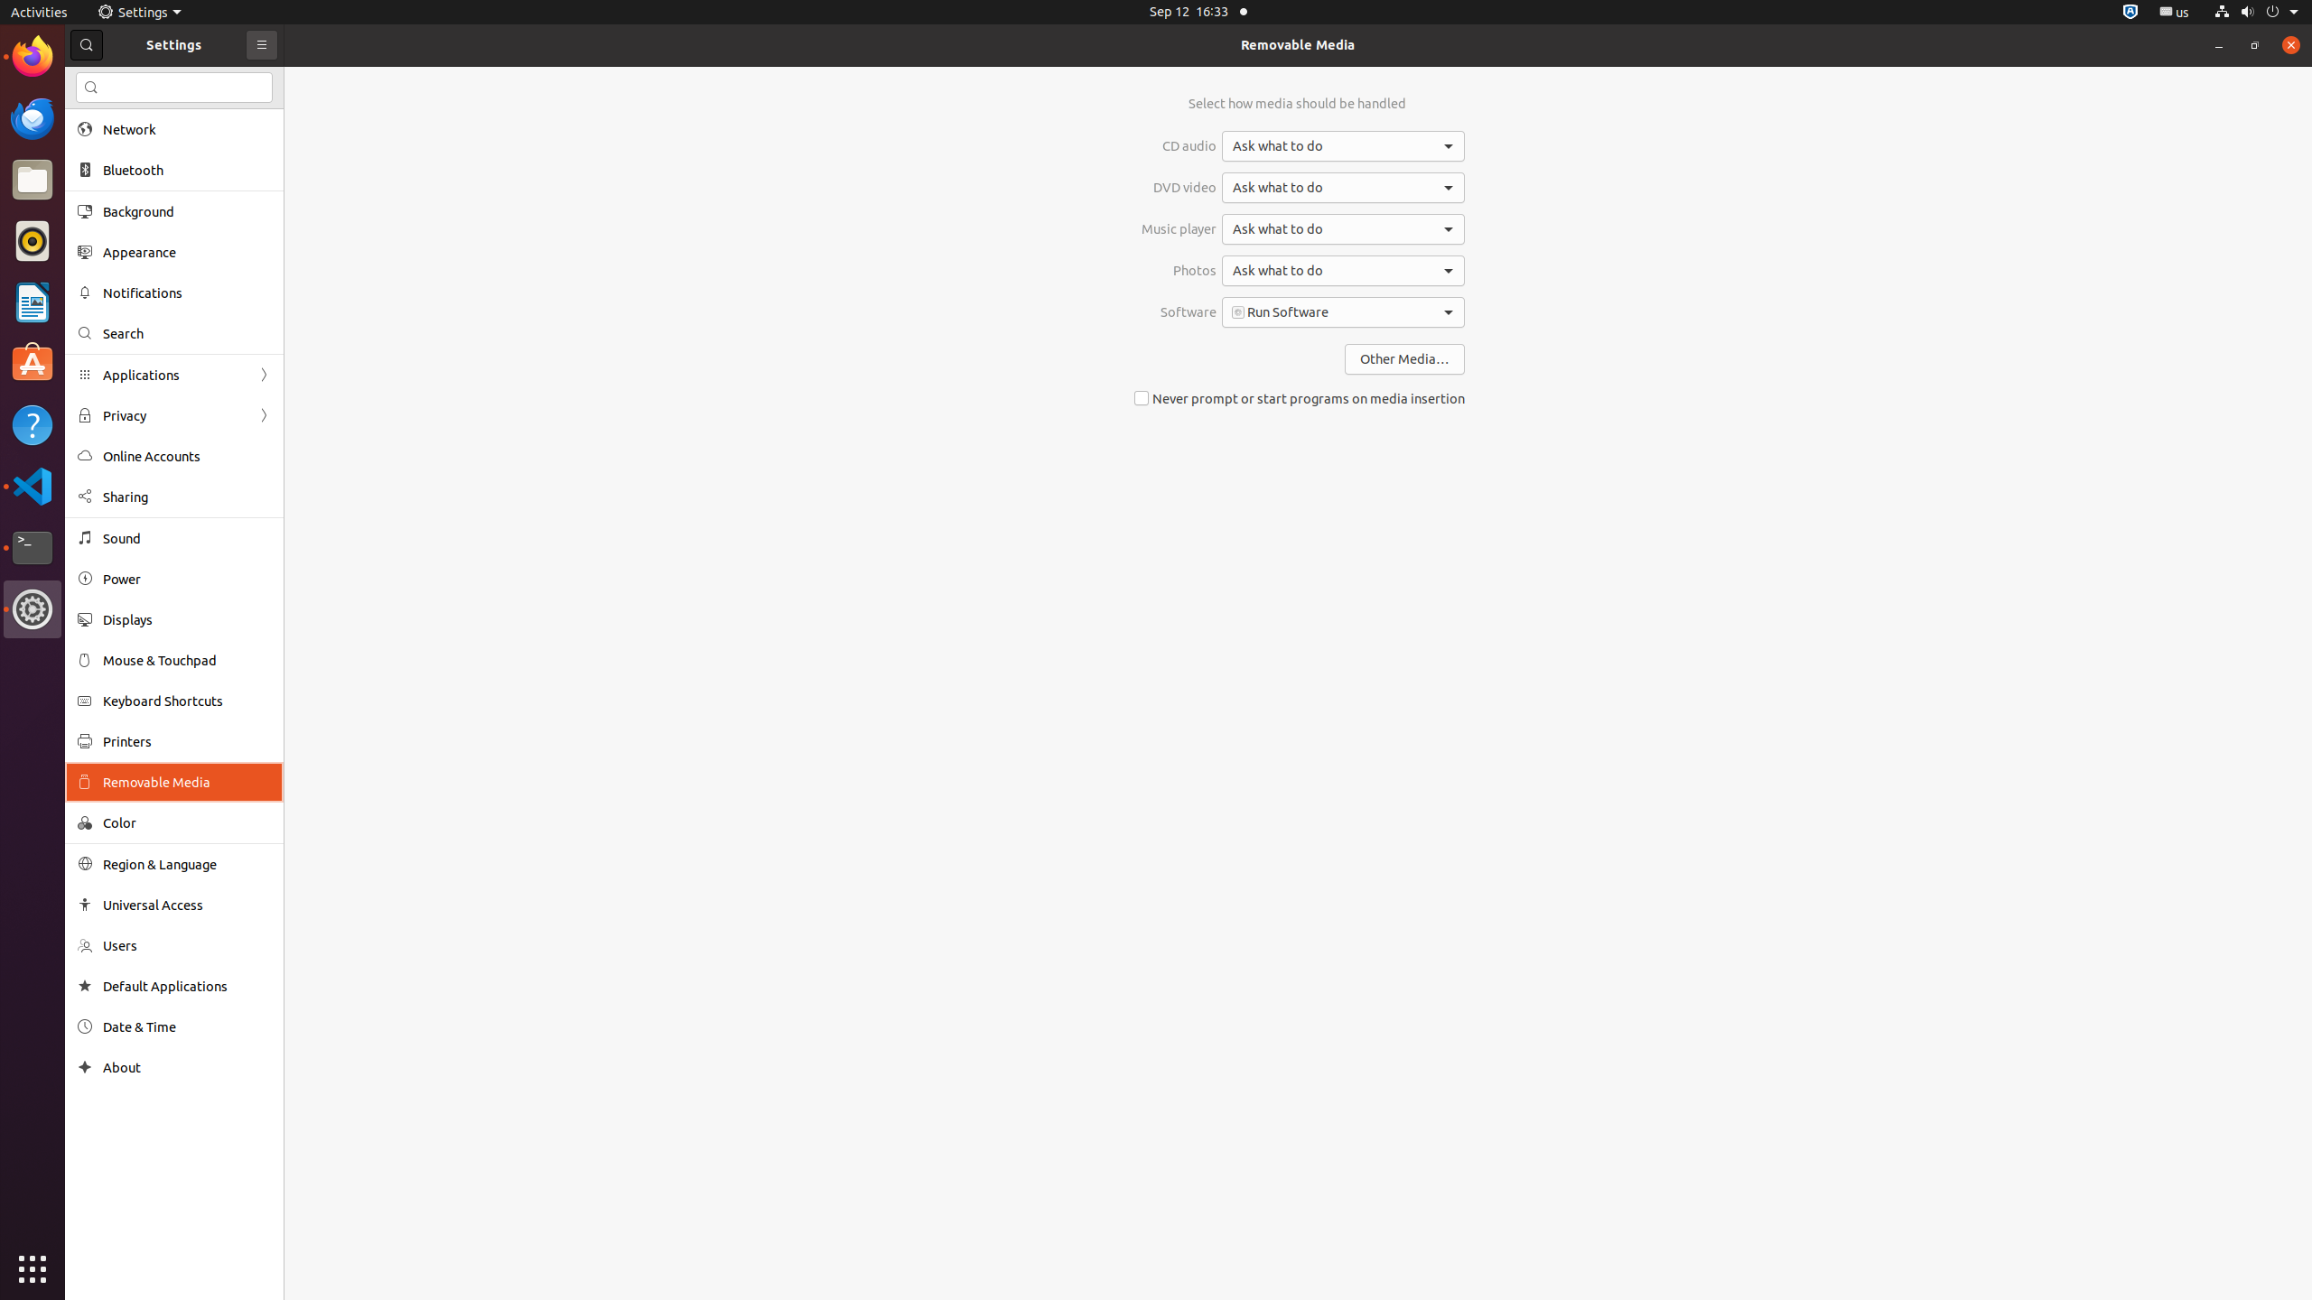 Image resolution: width=2312 pixels, height=1300 pixels. What do you see at coordinates (1403, 359) in the screenshot?
I see `'Other Media…'` at bounding box center [1403, 359].